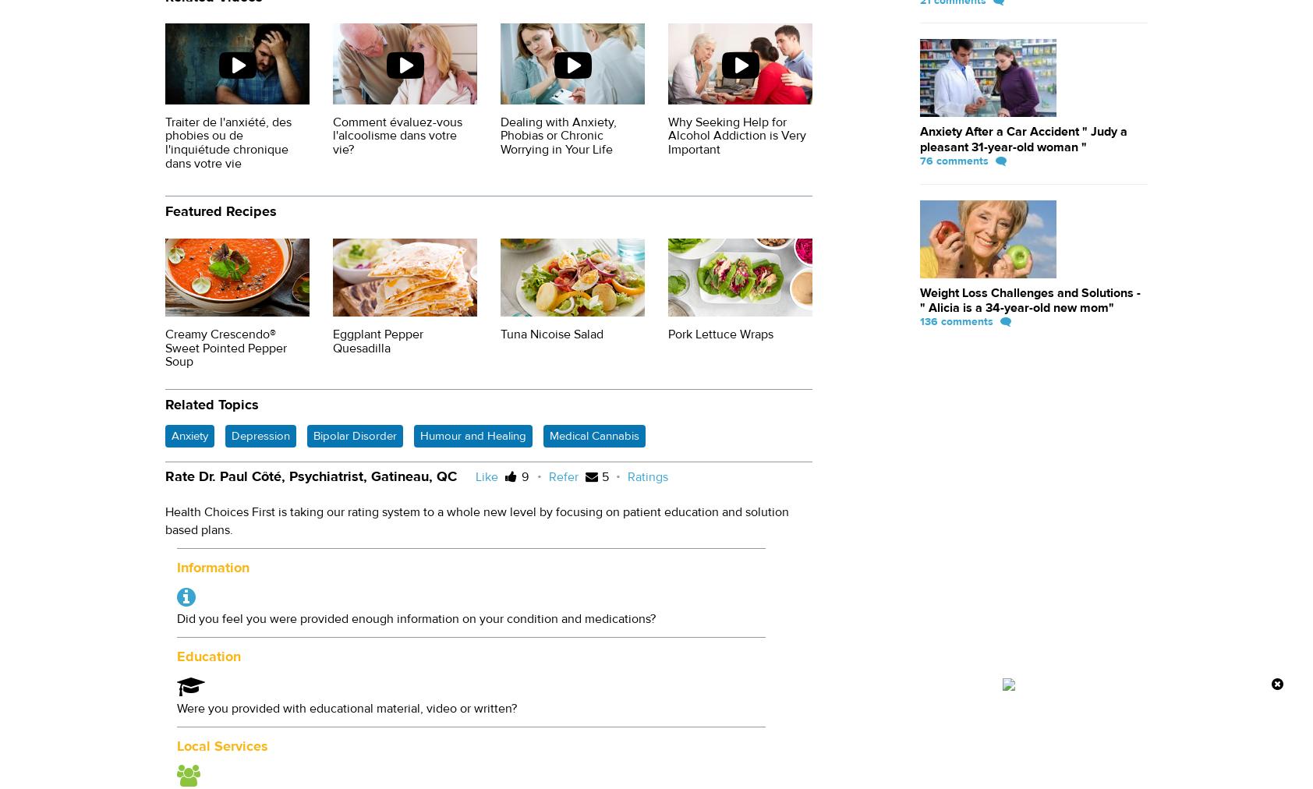 This screenshot has width=1313, height=789. What do you see at coordinates (397, 135) in the screenshot?
I see `'Comment évaluez-vous l'alcoolisme dans votre vie?'` at bounding box center [397, 135].